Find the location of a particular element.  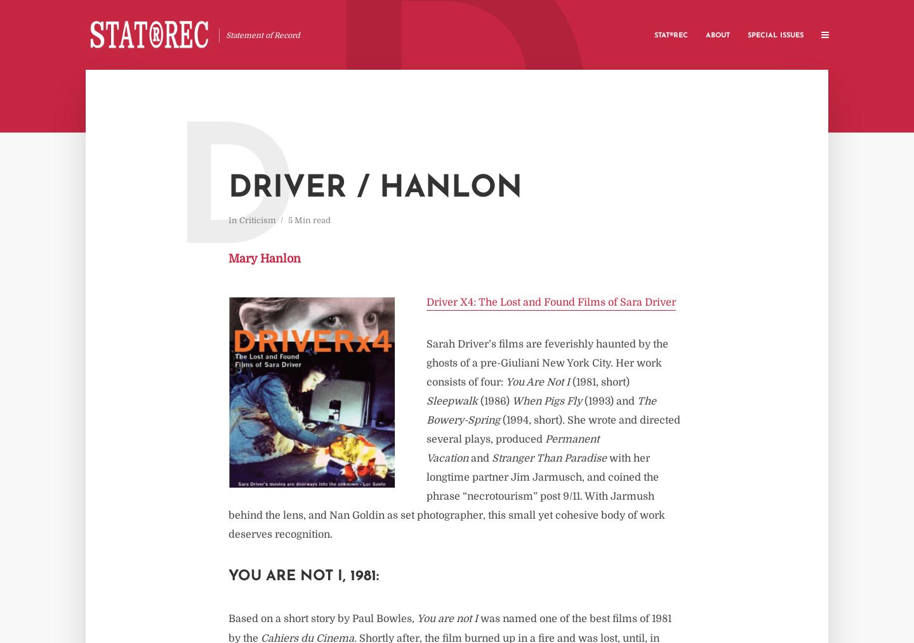

'Based on a short story by Paul Bowles,' is located at coordinates (322, 618).